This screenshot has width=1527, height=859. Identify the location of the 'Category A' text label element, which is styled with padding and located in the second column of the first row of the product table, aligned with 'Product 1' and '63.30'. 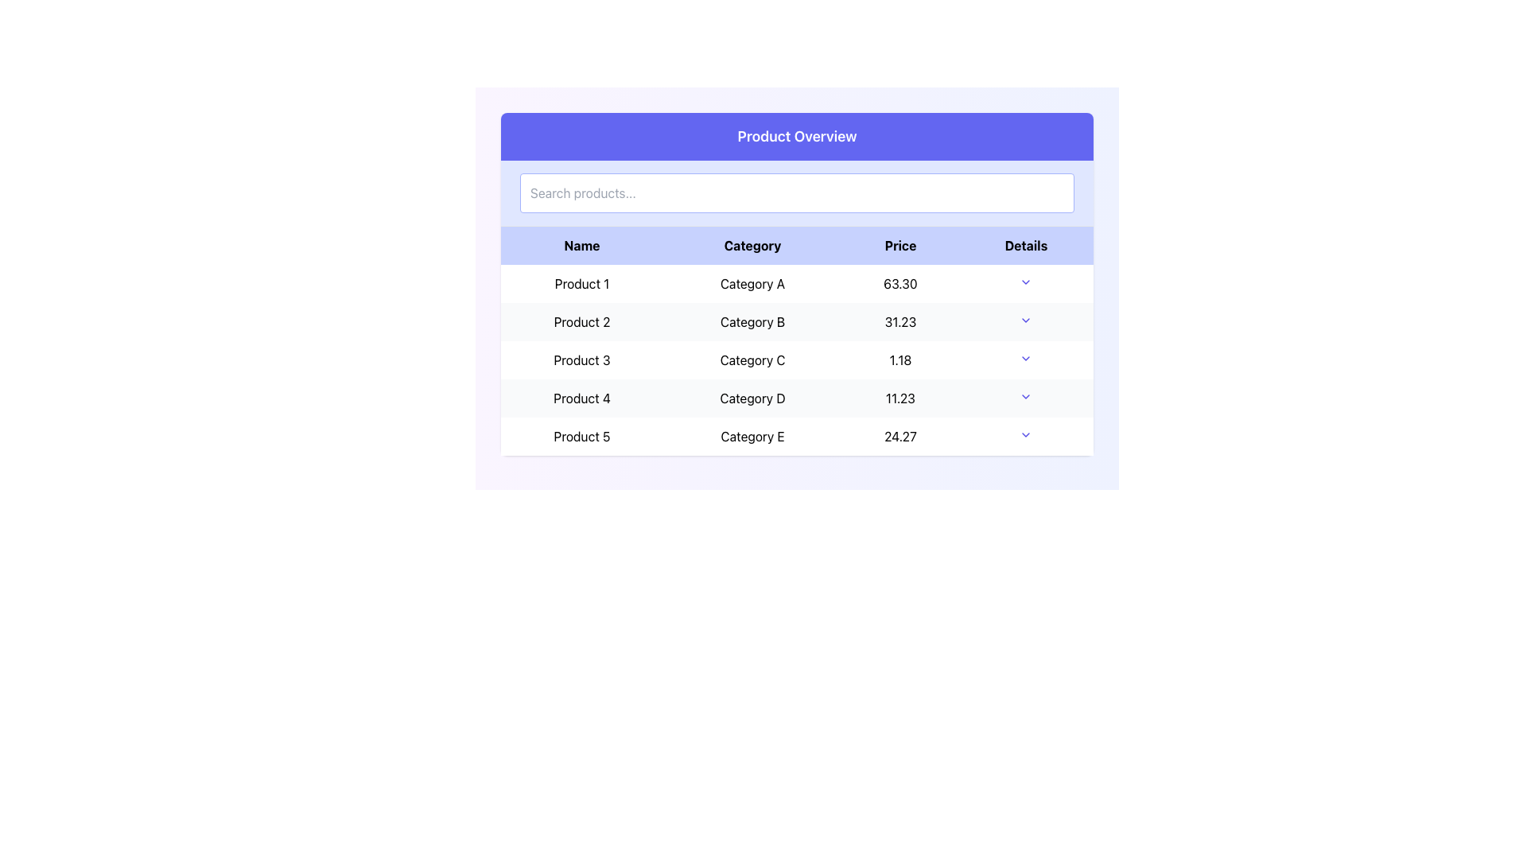
(752, 283).